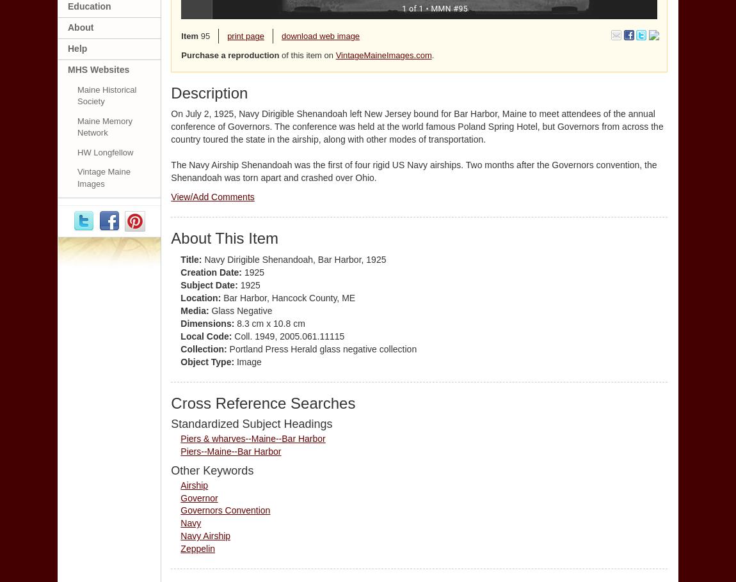  Describe the element at coordinates (230, 54) in the screenshot. I see `'Purchase a reproduction'` at that location.